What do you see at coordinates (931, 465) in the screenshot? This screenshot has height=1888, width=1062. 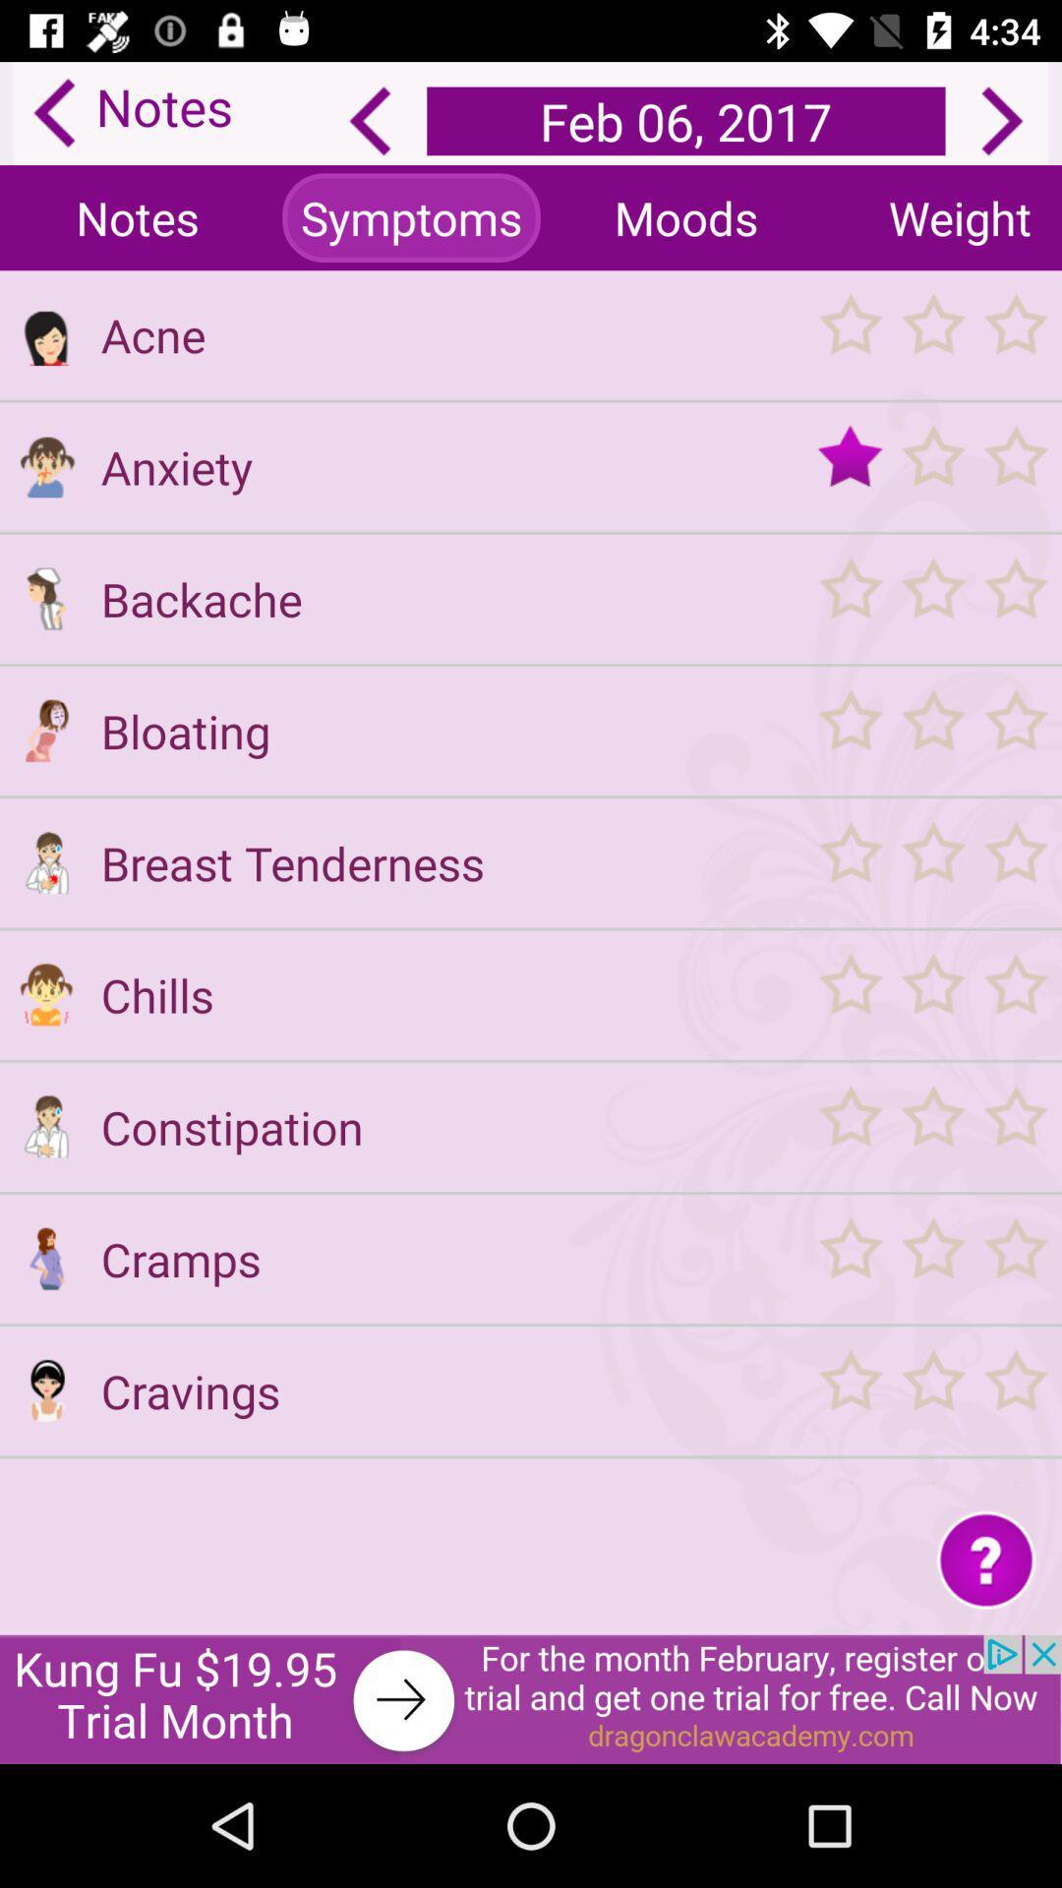 I see `rate anxiety level` at bounding box center [931, 465].